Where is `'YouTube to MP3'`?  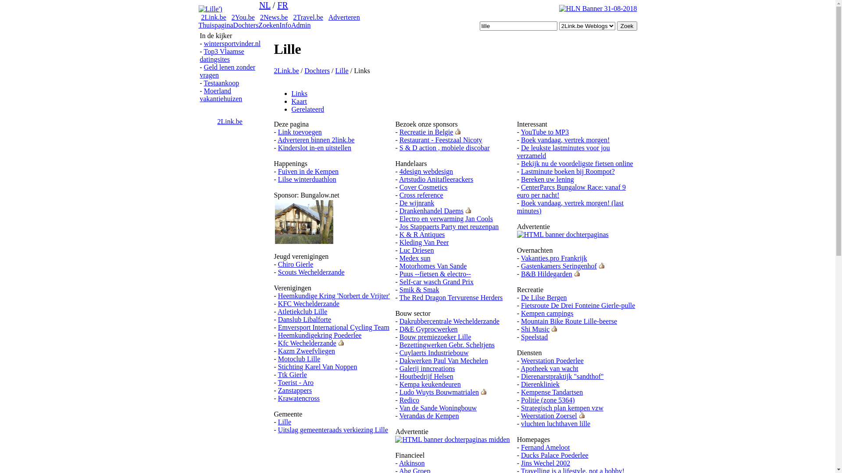 'YouTube to MP3' is located at coordinates (544, 132).